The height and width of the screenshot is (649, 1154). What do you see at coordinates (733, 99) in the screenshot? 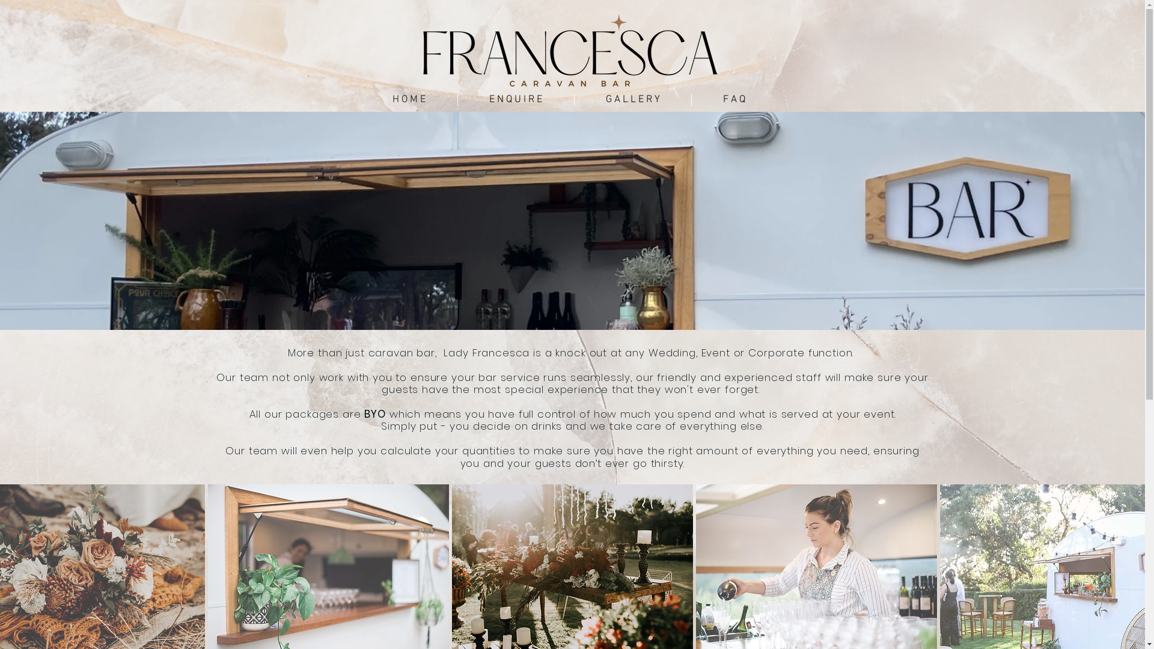
I see `'F A Q'` at bounding box center [733, 99].